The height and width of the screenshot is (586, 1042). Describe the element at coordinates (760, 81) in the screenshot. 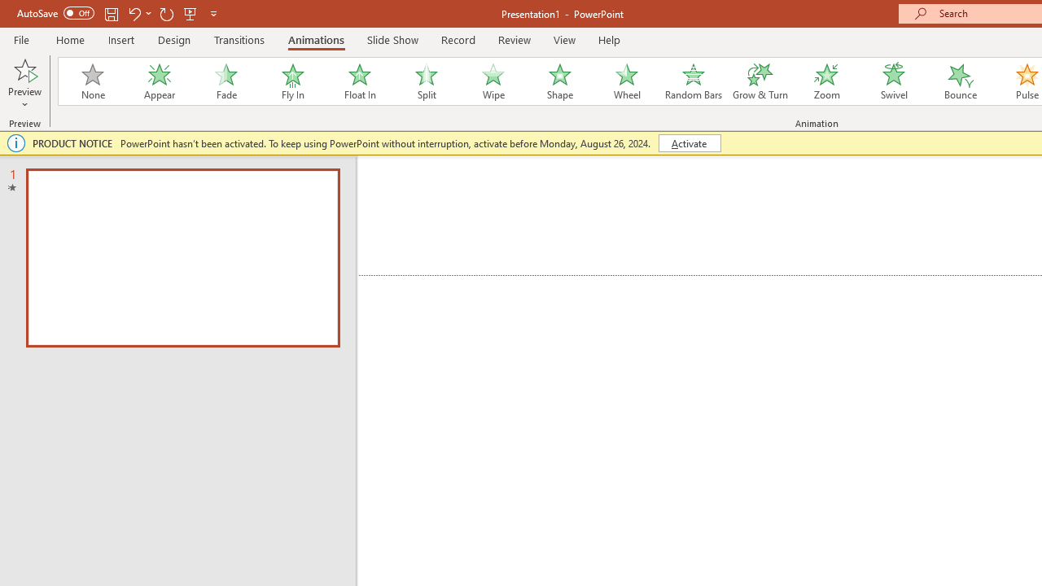

I see `'Grow & Turn'` at that location.